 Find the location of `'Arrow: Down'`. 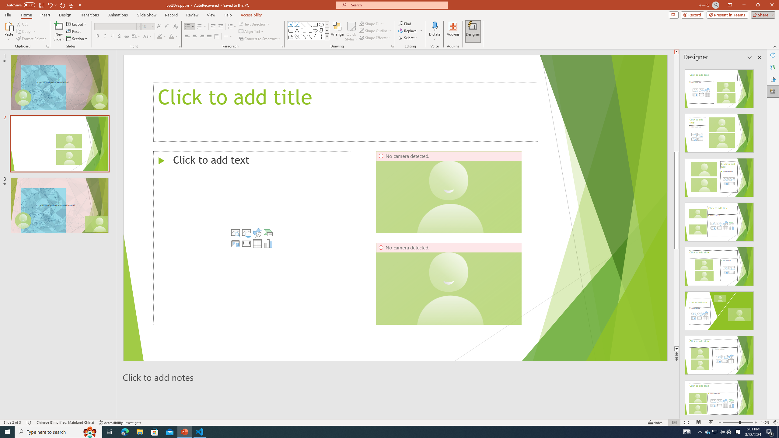

'Arrow: Down' is located at coordinates (321, 30).